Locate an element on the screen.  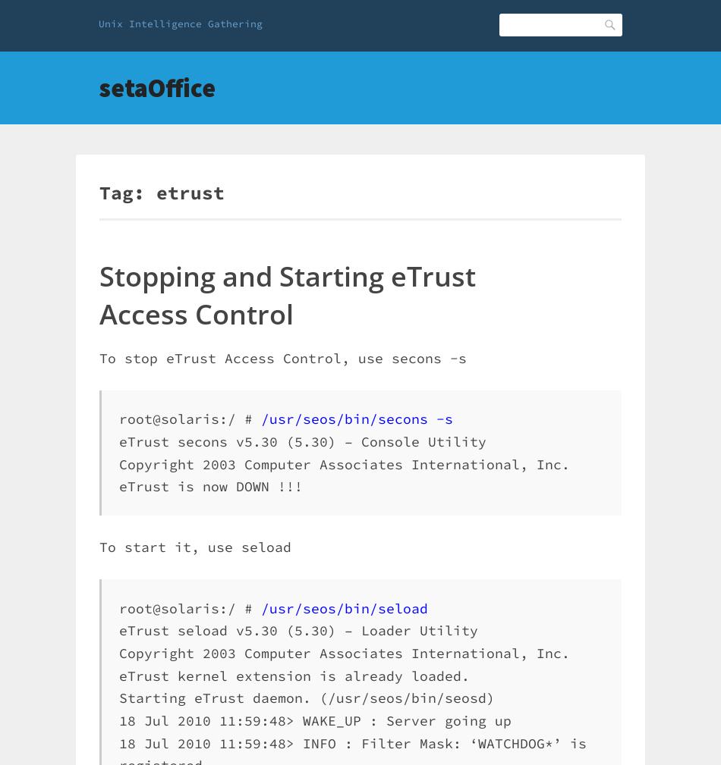
'/usr/seos/bin/seload' is located at coordinates (344, 607).